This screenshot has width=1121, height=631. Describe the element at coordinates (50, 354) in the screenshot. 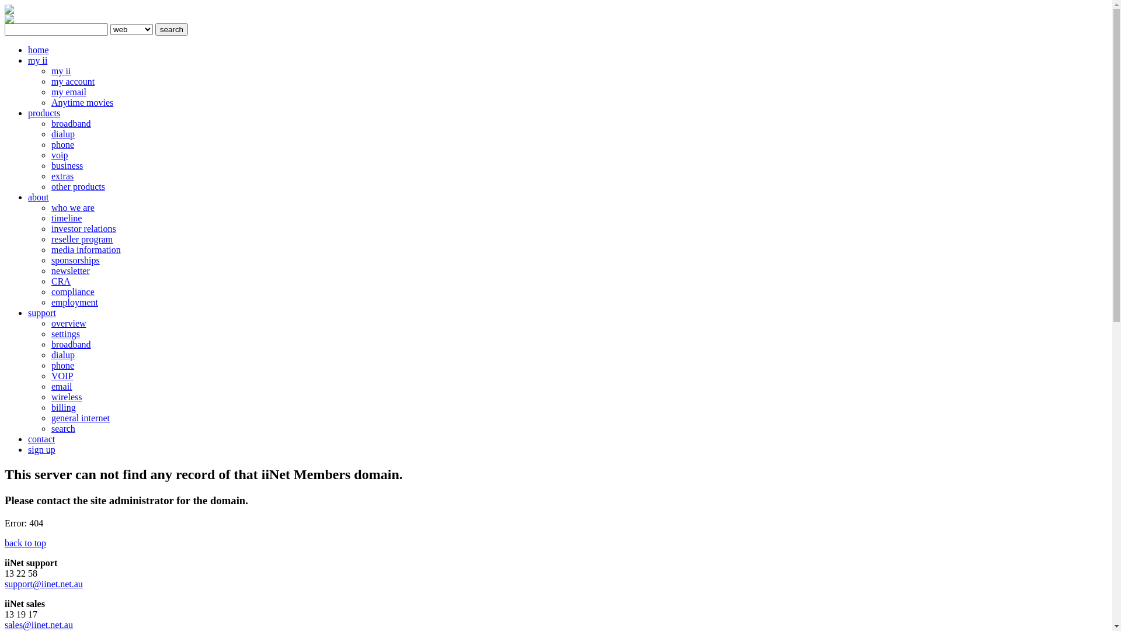

I see `'dialup'` at that location.